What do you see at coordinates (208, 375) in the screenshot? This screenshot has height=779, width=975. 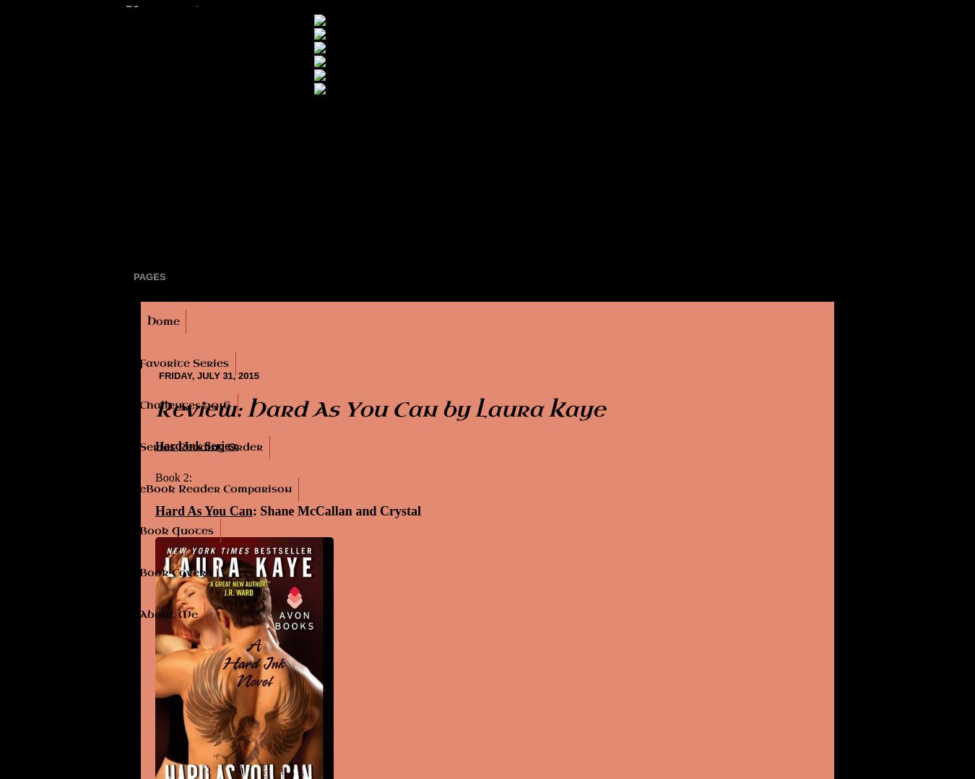 I see `'Friday, July 31, 2015'` at bounding box center [208, 375].